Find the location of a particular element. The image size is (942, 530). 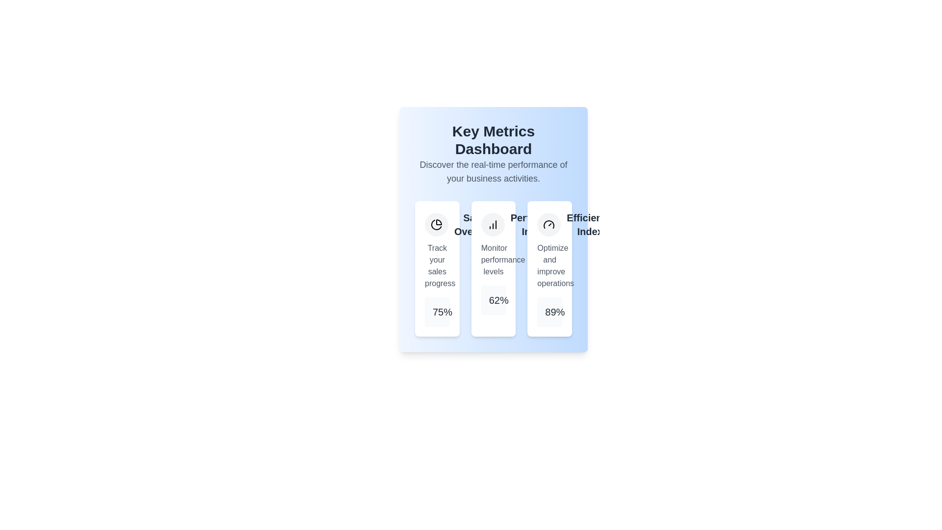

the metric card corresponding to Efficiency Index is located at coordinates (549, 268).